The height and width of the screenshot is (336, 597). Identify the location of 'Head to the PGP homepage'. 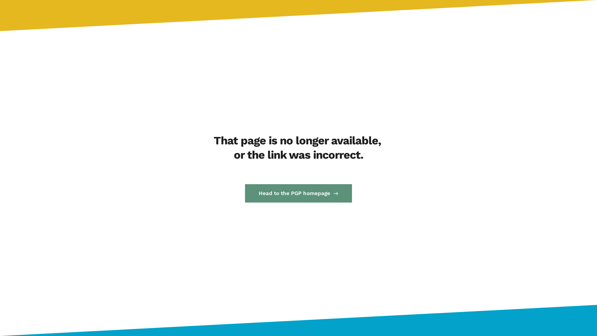
(298, 193).